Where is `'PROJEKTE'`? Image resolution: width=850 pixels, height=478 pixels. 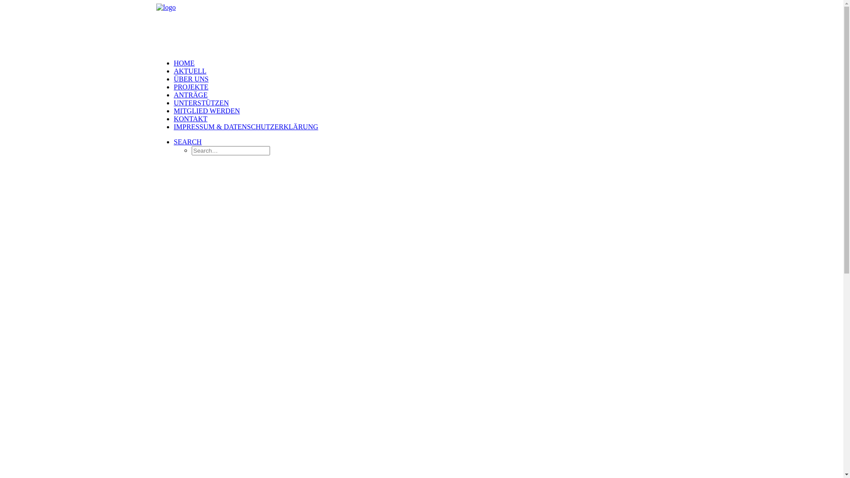 'PROJEKTE' is located at coordinates (190, 87).